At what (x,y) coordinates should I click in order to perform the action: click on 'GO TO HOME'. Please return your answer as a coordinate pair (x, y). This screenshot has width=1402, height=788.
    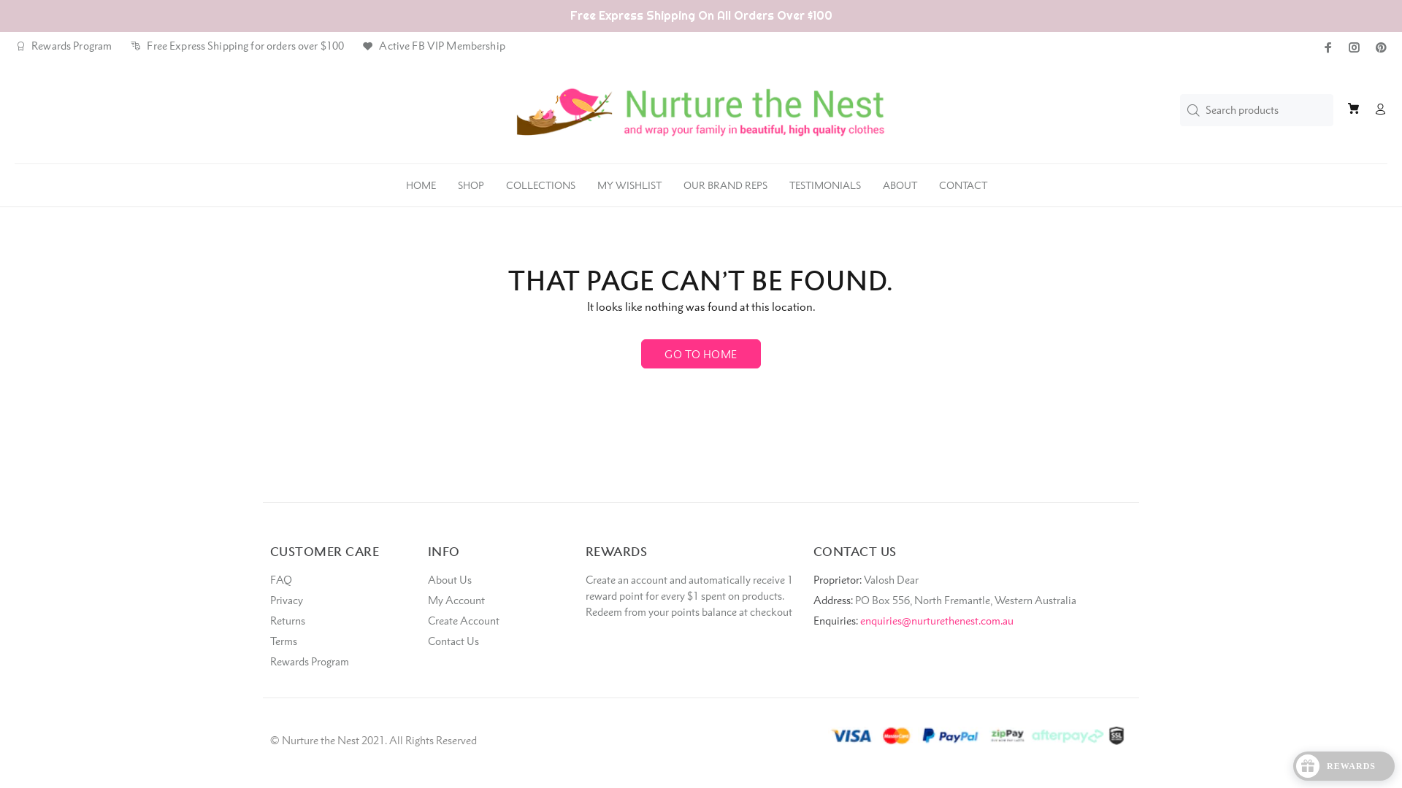
    Looking at the image, I should click on (700, 354).